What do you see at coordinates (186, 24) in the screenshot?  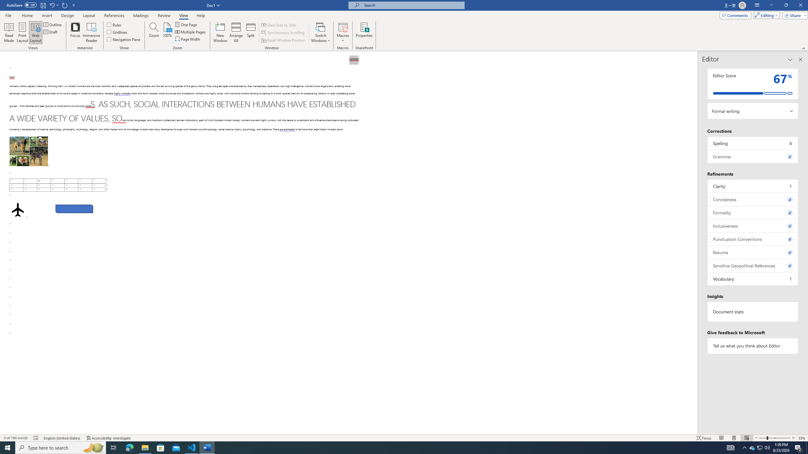 I see `'One Page'` at bounding box center [186, 24].